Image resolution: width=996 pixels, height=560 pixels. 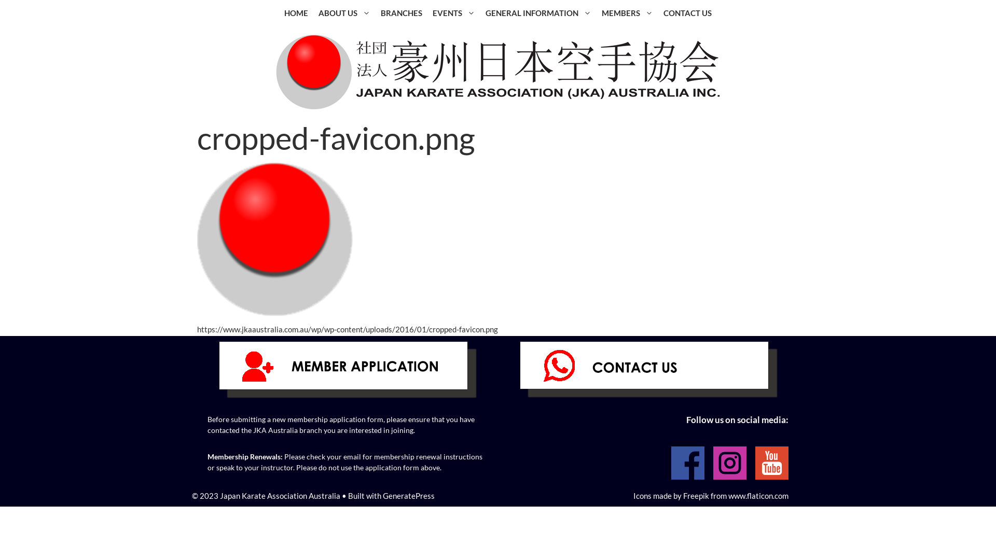 I want to click on 'GeneratePress', so click(x=408, y=495).